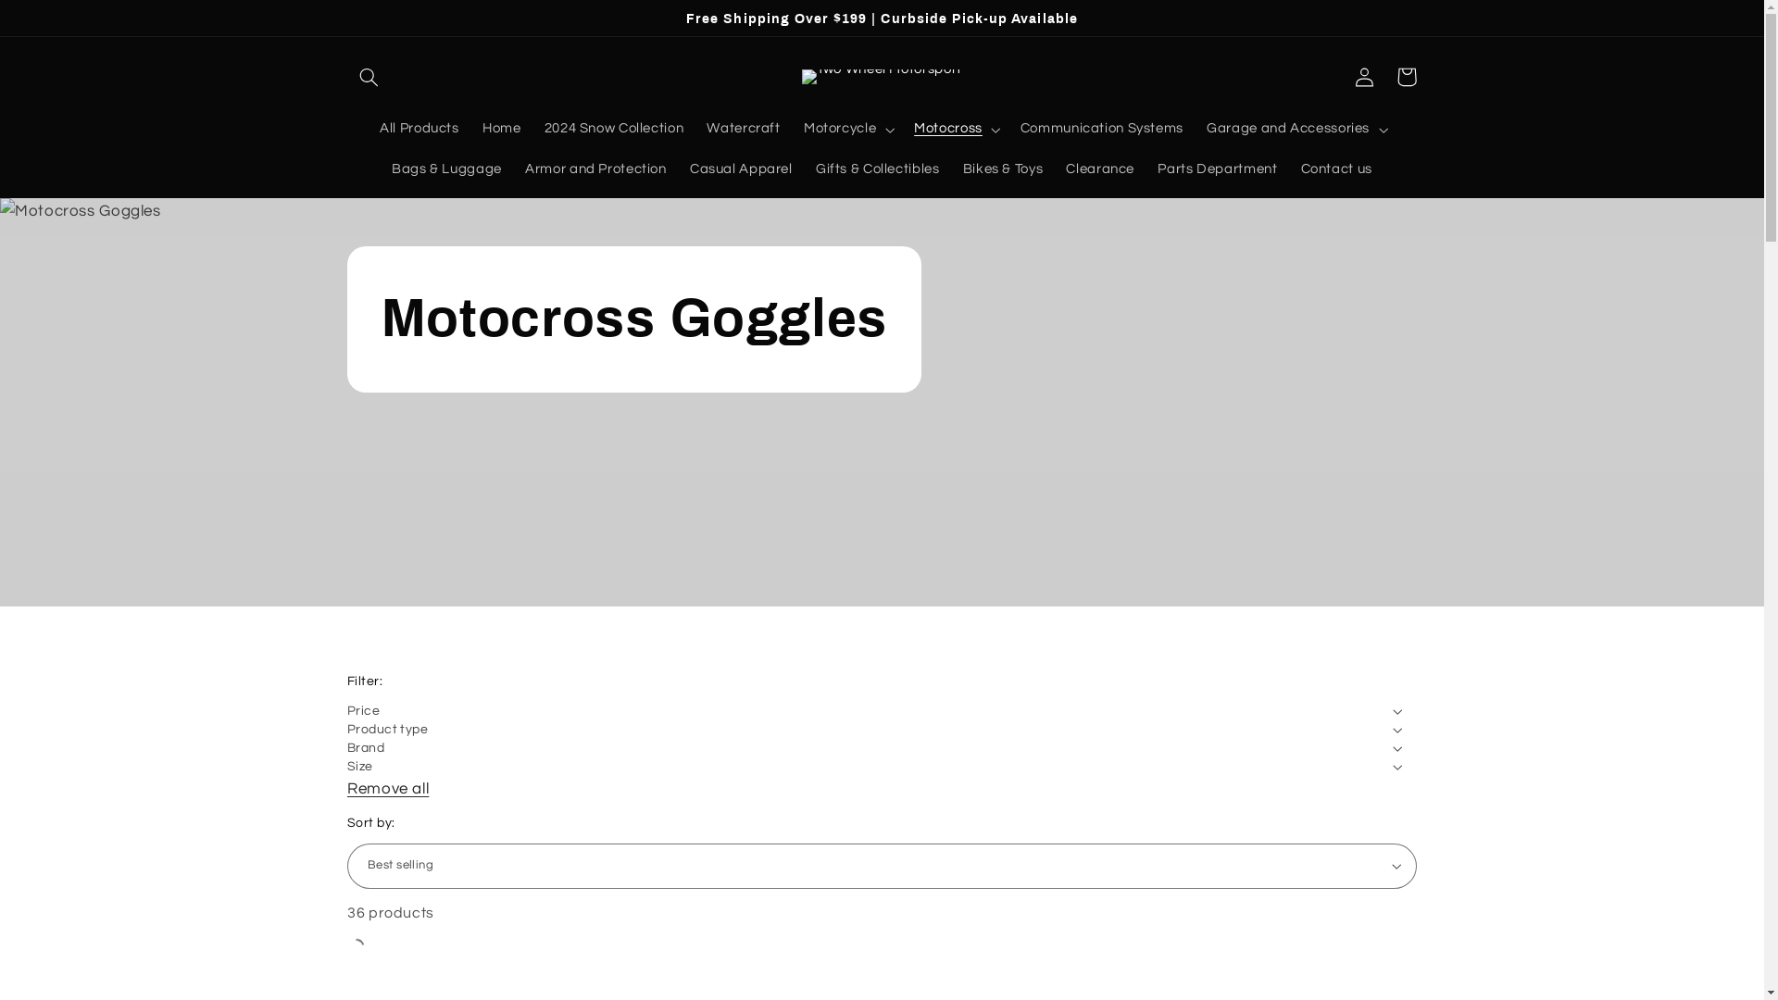  I want to click on 'All Products', so click(419, 128).